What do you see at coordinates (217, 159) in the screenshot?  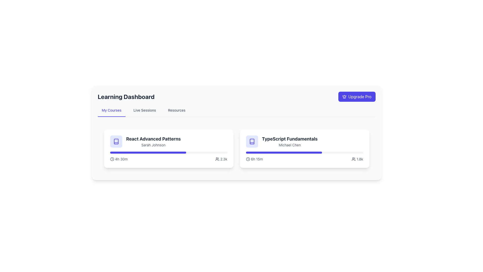 I see `the icon resembling two user figures, which is located beside the text '2.3k' in the 'My Courses' section of the dashboard` at bounding box center [217, 159].